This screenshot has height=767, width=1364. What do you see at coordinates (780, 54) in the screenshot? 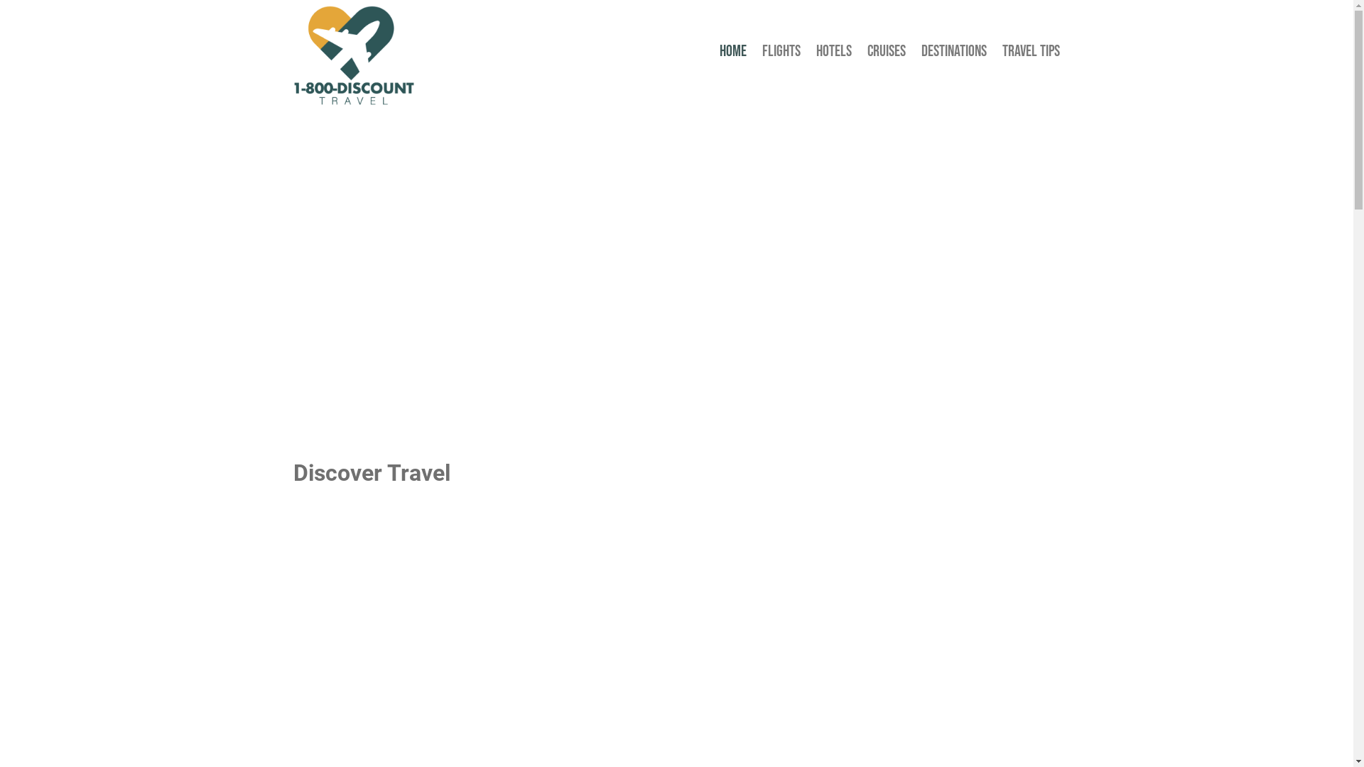
I see `'FLIGHTS'` at bounding box center [780, 54].